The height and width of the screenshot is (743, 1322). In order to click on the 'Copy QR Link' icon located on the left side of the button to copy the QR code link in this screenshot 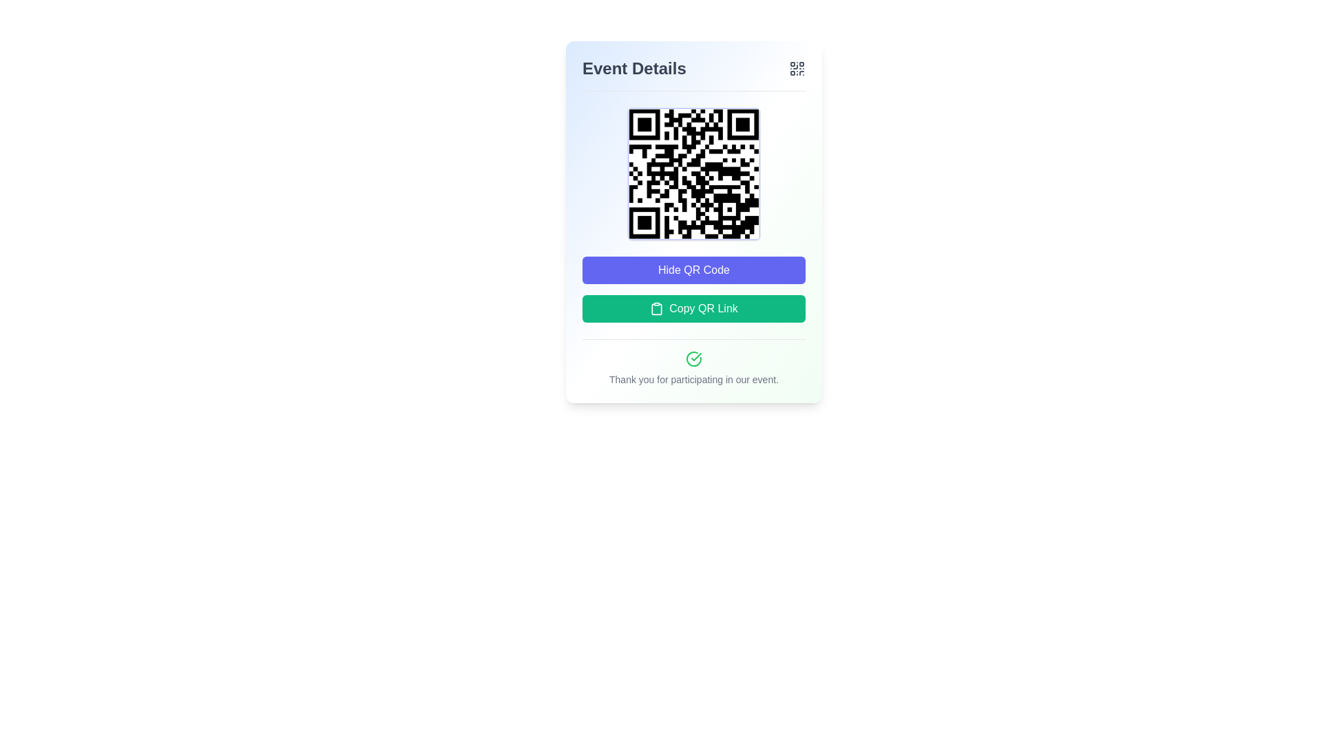, I will do `click(656, 308)`.